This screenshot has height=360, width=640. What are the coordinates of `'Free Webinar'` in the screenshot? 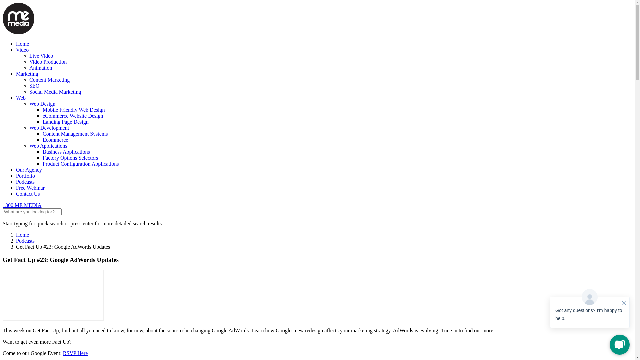 It's located at (30, 188).